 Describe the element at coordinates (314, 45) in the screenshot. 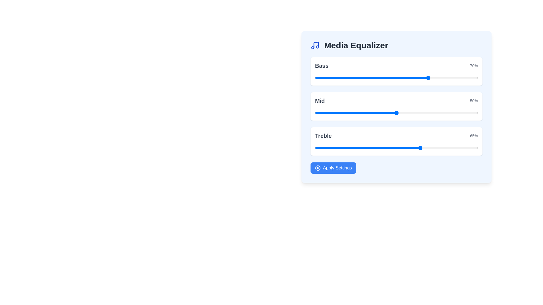

I see `the blue musical icon, which is styled as a note with circular ends and is located to the left of the 'Media Equalizer' text label` at that location.